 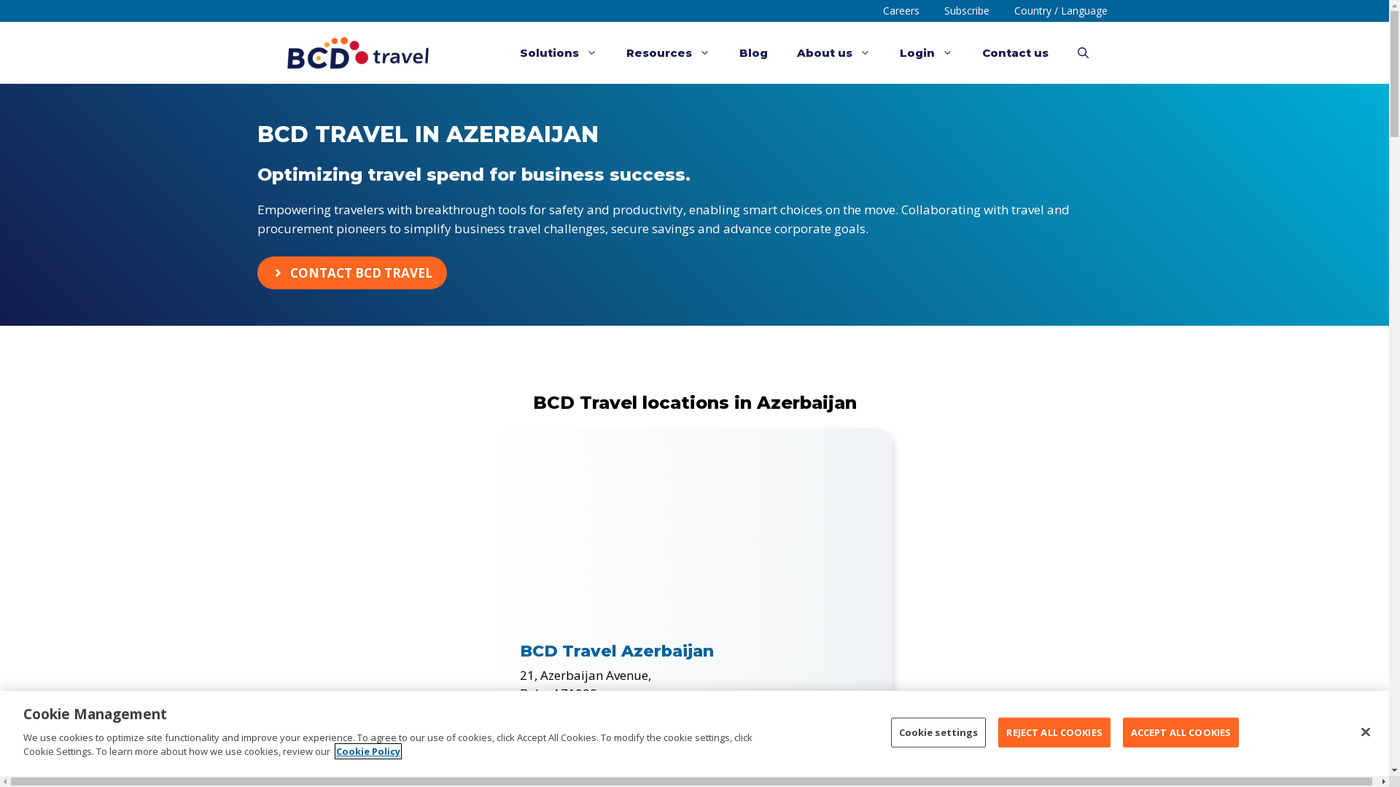 I want to click on 'ACCEPT ALL COOKIES', so click(x=1181, y=732).